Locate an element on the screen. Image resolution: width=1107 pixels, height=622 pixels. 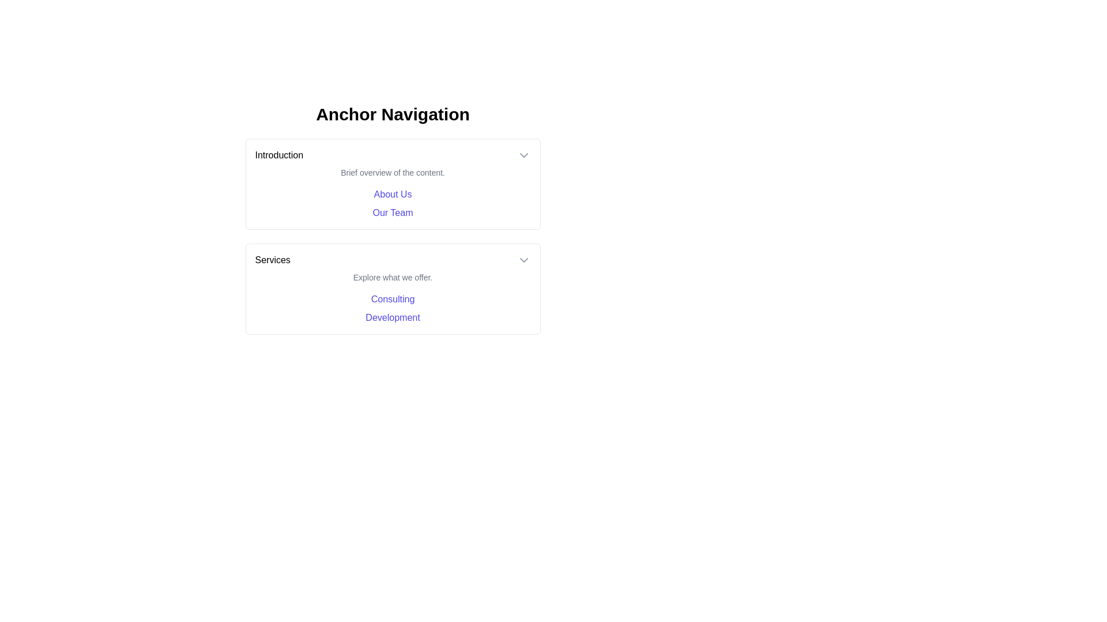
the hyperlink labeled 'Development' located in the Services section, below the text 'Consulting' is located at coordinates (393, 317).